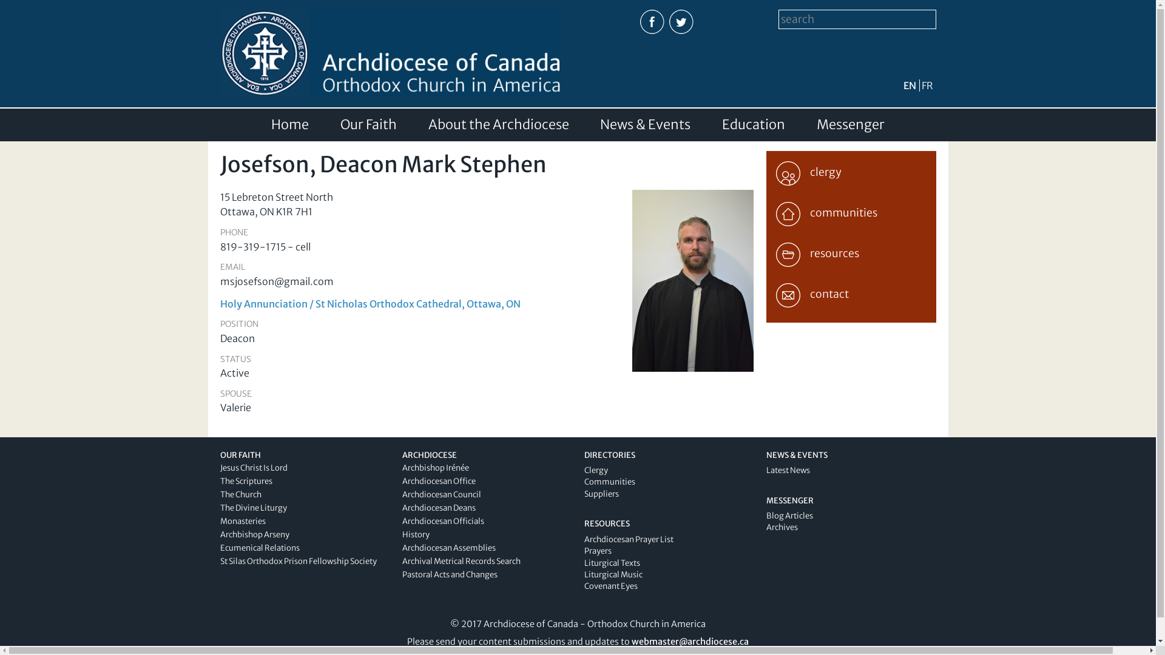 This screenshot has width=1165, height=655. What do you see at coordinates (253, 534) in the screenshot?
I see `'Archbishop Arseny'` at bounding box center [253, 534].